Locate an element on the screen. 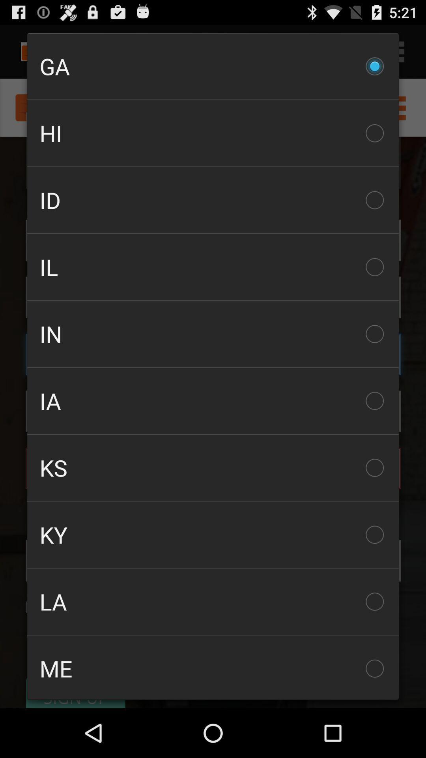 This screenshot has height=758, width=426. the ga checkbox is located at coordinates (213, 66).